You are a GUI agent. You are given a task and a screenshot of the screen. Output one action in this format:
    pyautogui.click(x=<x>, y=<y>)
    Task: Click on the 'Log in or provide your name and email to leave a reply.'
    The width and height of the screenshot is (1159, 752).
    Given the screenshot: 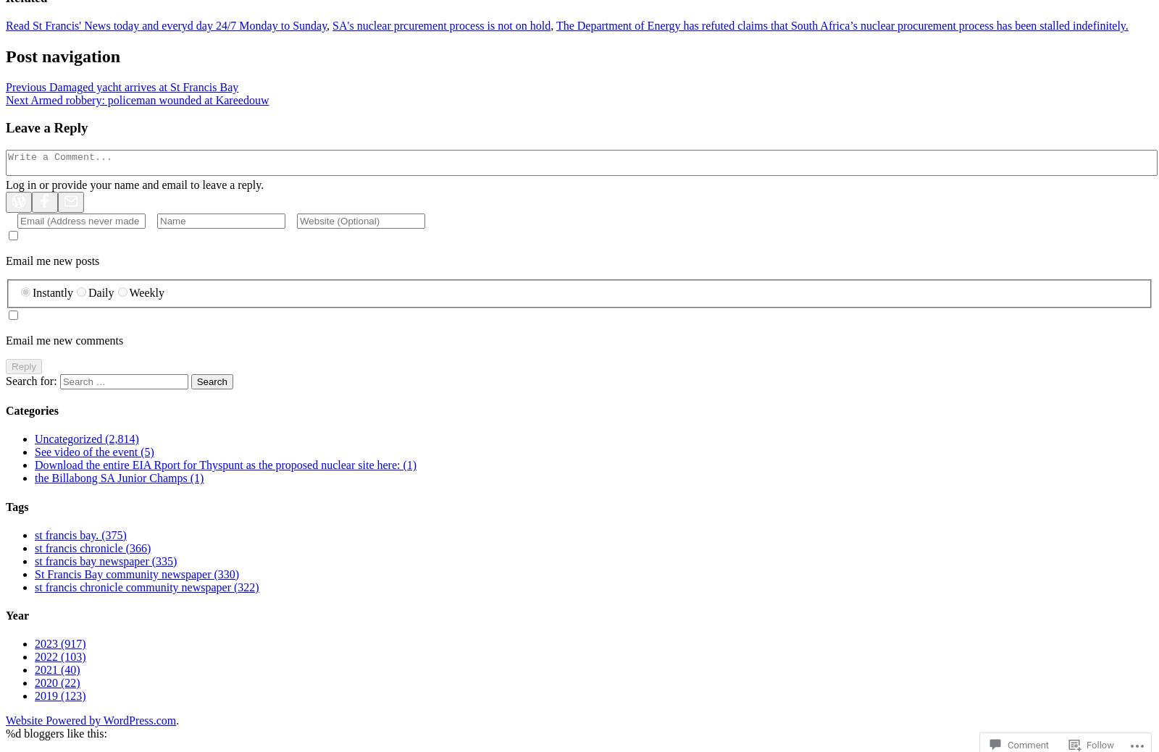 What is the action you would take?
    pyautogui.click(x=134, y=185)
    